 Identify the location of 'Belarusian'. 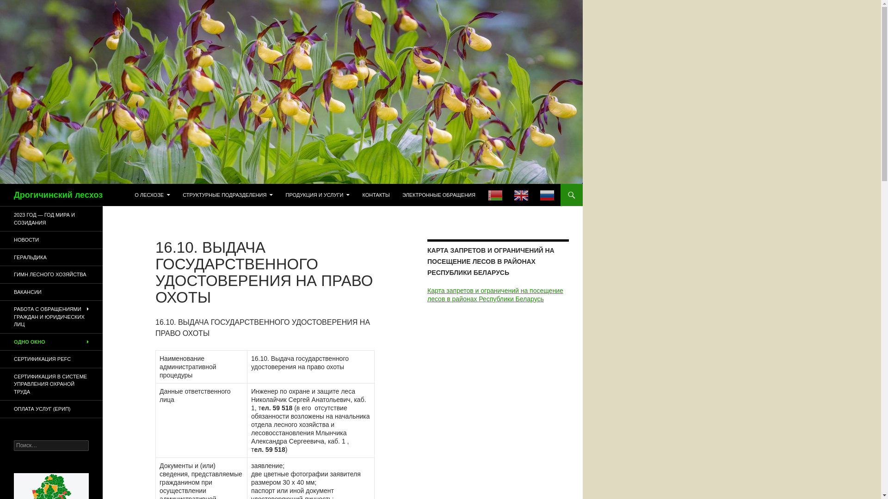
(481, 194).